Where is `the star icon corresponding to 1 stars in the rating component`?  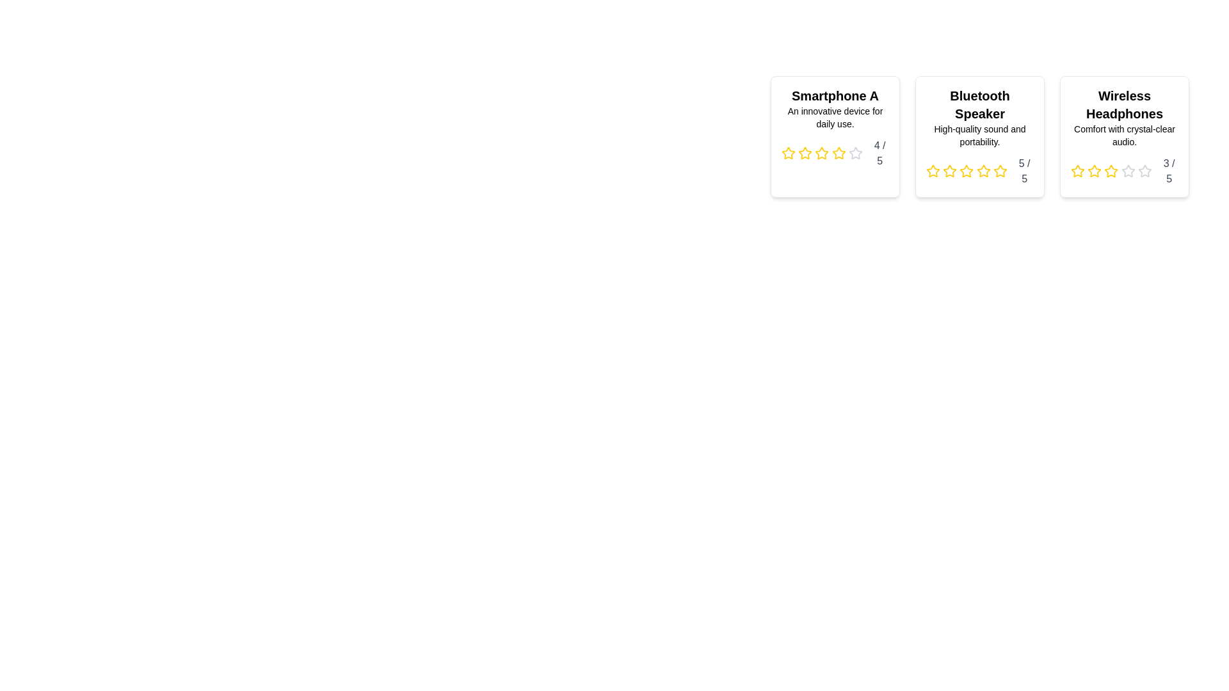 the star icon corresponding to 1 stars in the rating component is located at coordinates (788, 152).